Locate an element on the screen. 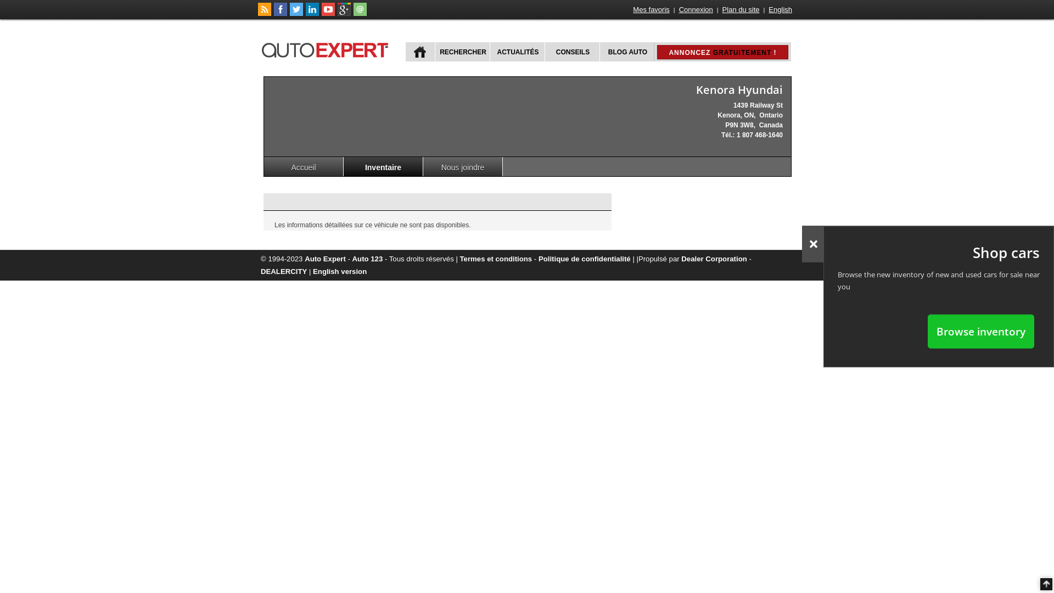 The image size is (1054, 593). 'Suivez autoExpert.ca sur Facebook' is located at coordinates (274, 13).